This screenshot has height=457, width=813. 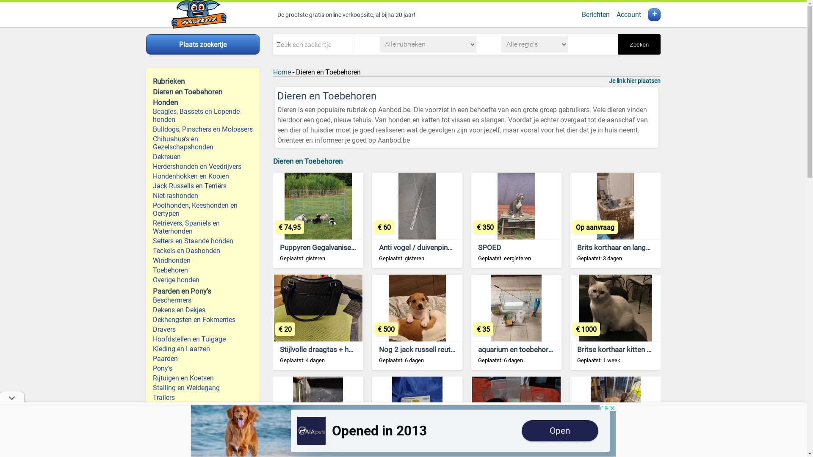 What do you see at coordinates (152, 129) in the screenshot?
I see `'Bulldogs, Pinschers en Molossers'` at bounding box center [152, 129].